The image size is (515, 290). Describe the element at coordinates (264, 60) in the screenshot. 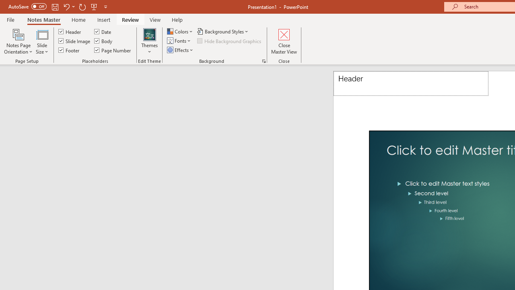

I see `'Format Background...'` at that location.